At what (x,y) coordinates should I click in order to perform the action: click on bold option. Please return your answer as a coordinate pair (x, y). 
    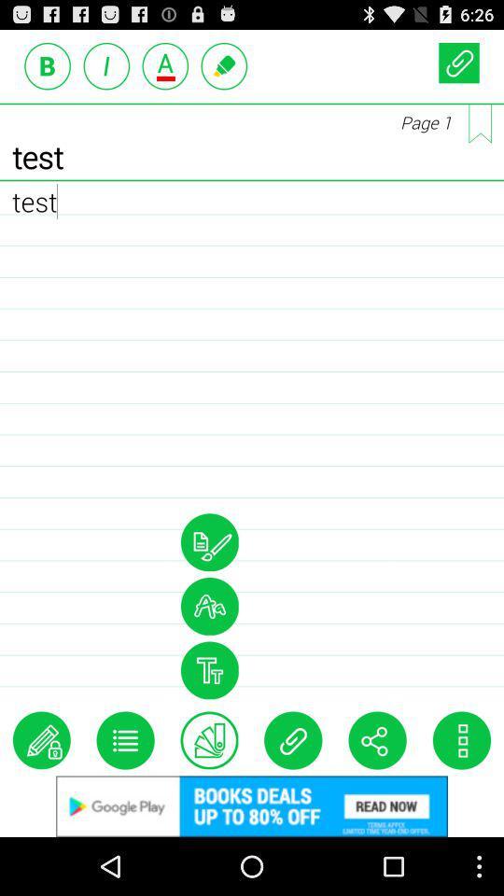
    Looking at the image, I should click on (48, 65).